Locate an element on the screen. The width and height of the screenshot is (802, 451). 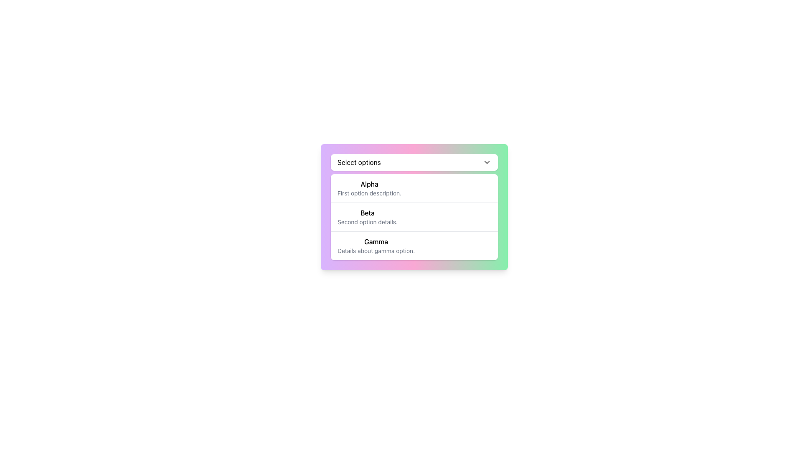
the text label displaying 'Gamma' in the third option of the dropdown menu, which is distinctively styled compared to the adjacent text is located at coordinates (376, 241).